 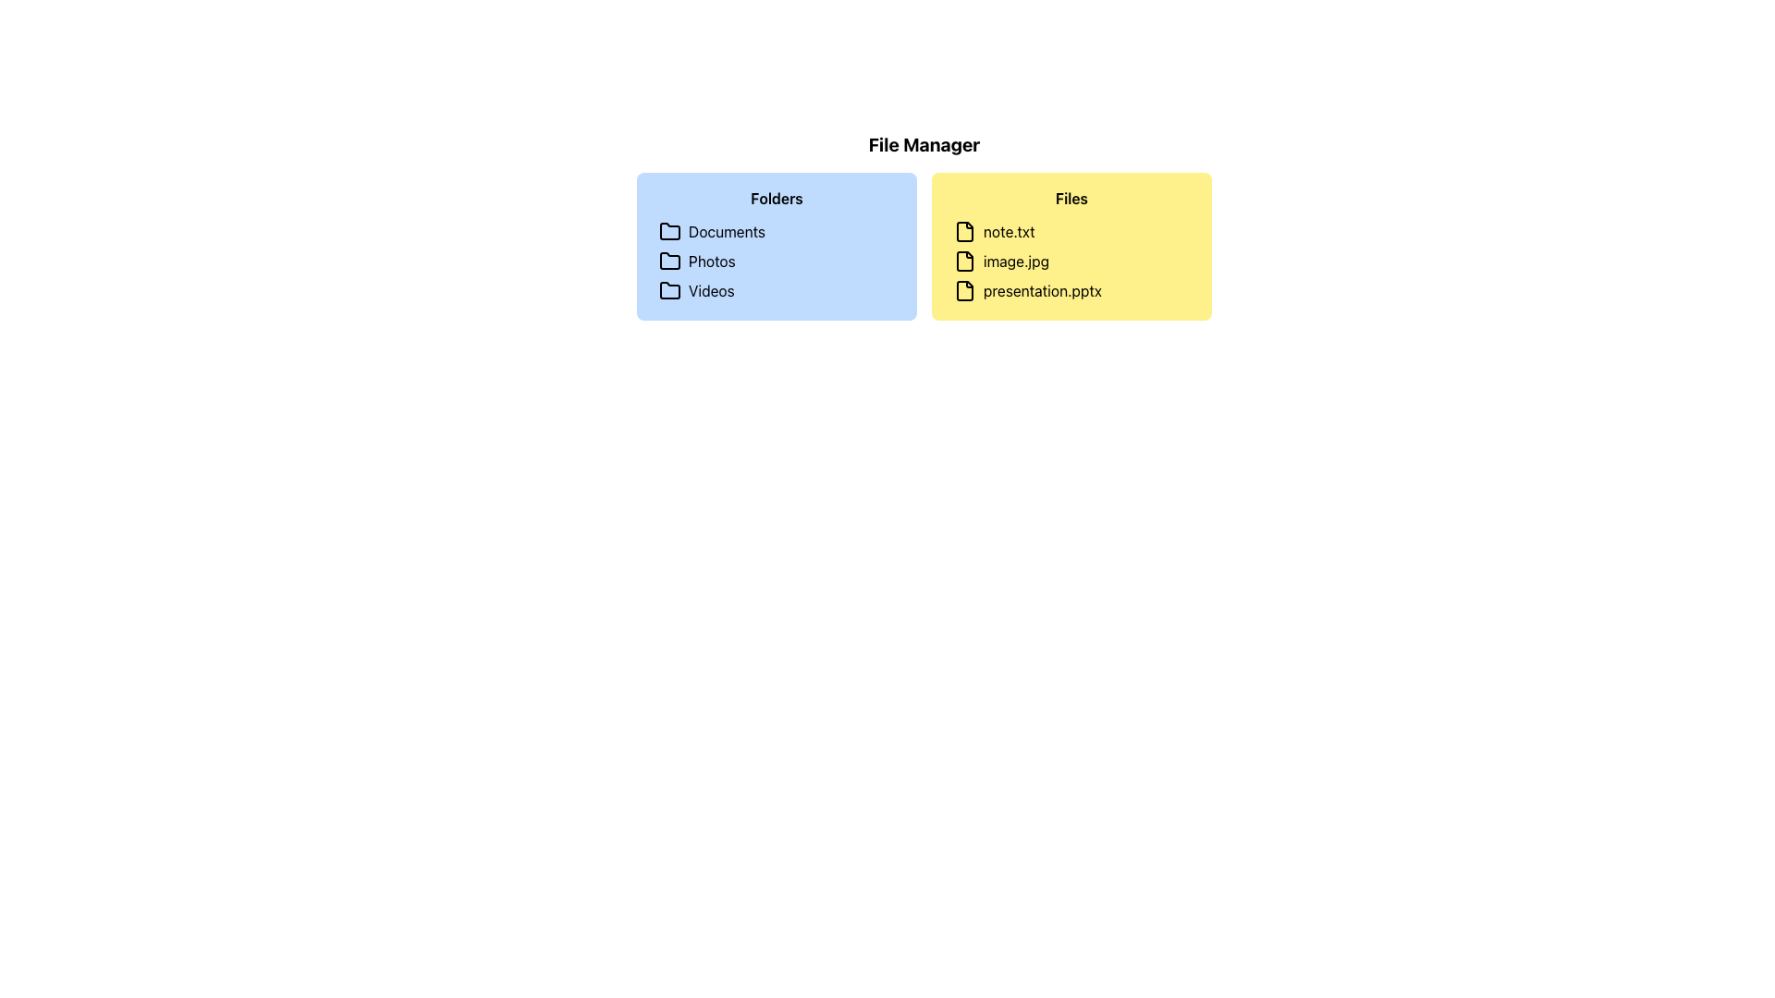 What do you see at coordinates (668, 230) in the screenshot?
I see `the folder icon representing 'Documents', which is the first icon in the list of folders located in the blue 'Folders' section on the left side of the interface` at bounding box center [668, 230].